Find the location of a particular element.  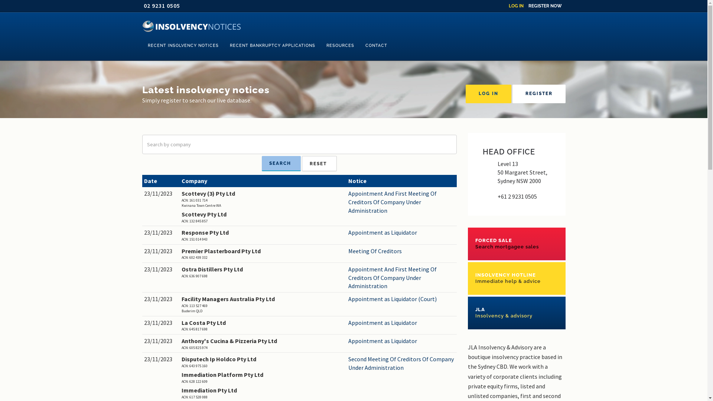

'CONTACT' is located at coordinates (376, 46).